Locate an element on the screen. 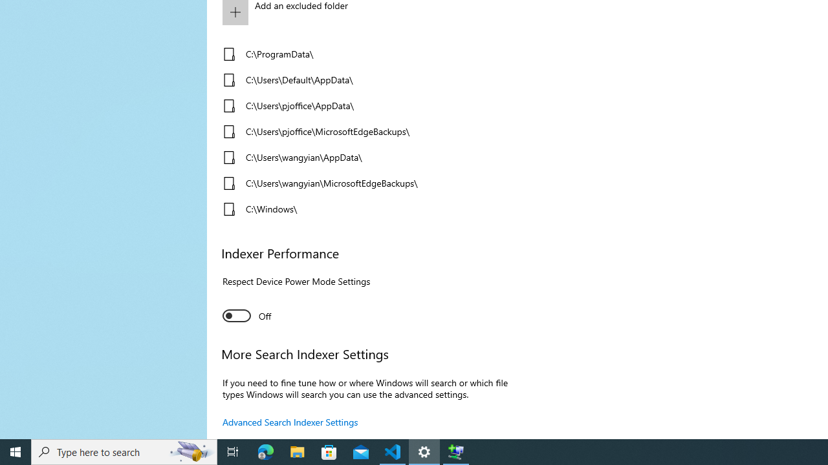 Image resolution: width=828 pixels, height=465 pixels. 'Microsoft Edge' is located at coordinates (265, 451).